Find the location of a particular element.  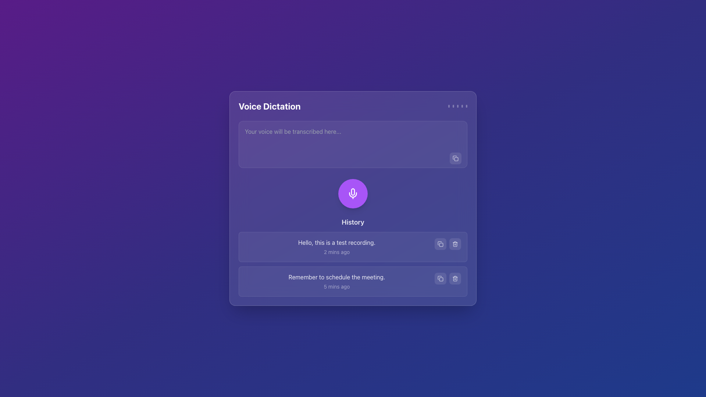

the copy icon button, which is a small icon depicting overlapping squares with a white outline, located in the top-right corner of the second section, to copy the content is located at coordinates (455, 158).